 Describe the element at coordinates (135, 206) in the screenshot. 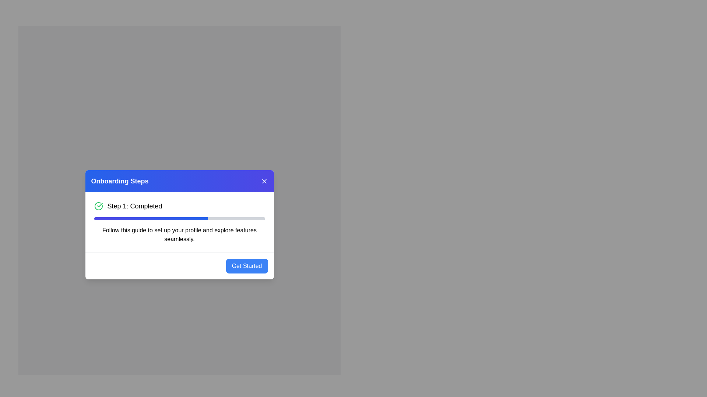

I see `the text label displaying 'Step 1: Completed', which is visually emphasized by a larger font size and bold style, and located to the right of a green circular check icon` at that location.